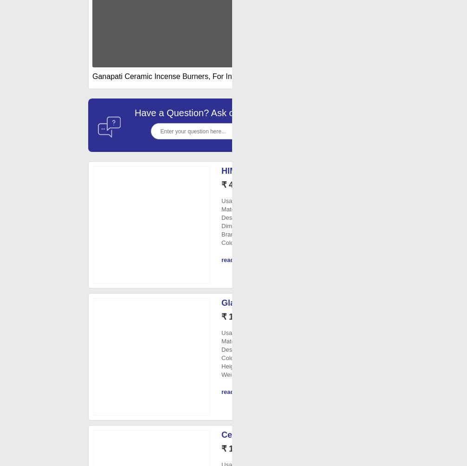 This screenshot has width=467, height=466. Describe the element at coordinates (265, 226) in the screenshot. I see `':  22*10 Cm'` at that location.